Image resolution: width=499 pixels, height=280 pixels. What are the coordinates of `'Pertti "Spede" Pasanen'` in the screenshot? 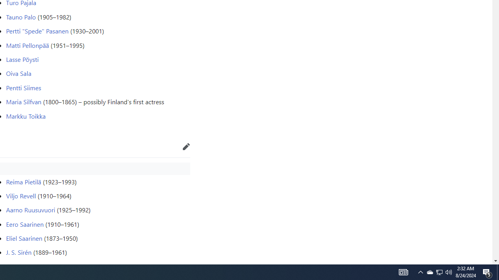 It's located at (37, 30).